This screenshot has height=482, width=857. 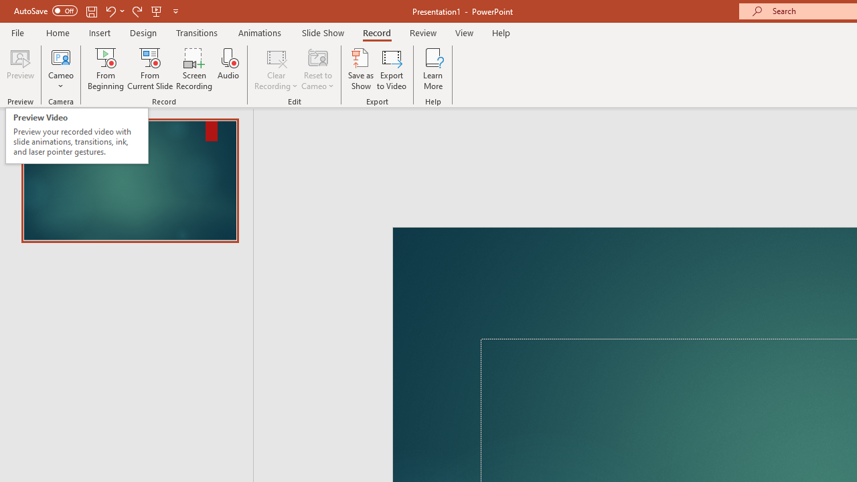 What do you see at coordinates (150, 69) in the screenshot?
I see `'From Current Slide...'` at bounding box center [150, 69].